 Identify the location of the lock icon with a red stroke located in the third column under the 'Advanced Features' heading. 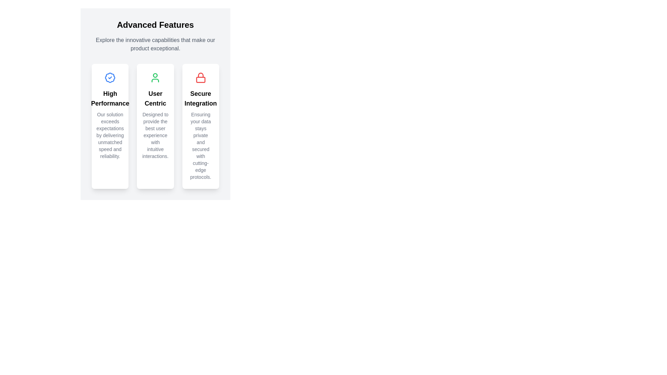
(200, 75).